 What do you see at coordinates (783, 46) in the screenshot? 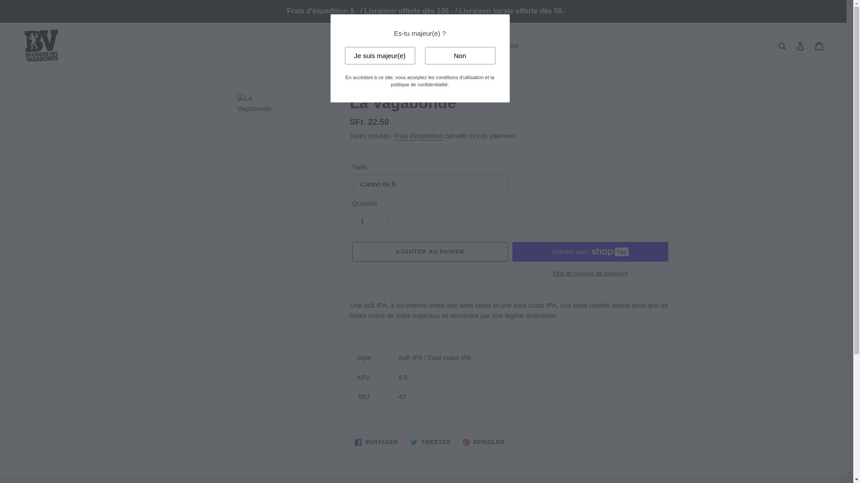
I see `'Rechercher'` at bounding box center [783, 46].